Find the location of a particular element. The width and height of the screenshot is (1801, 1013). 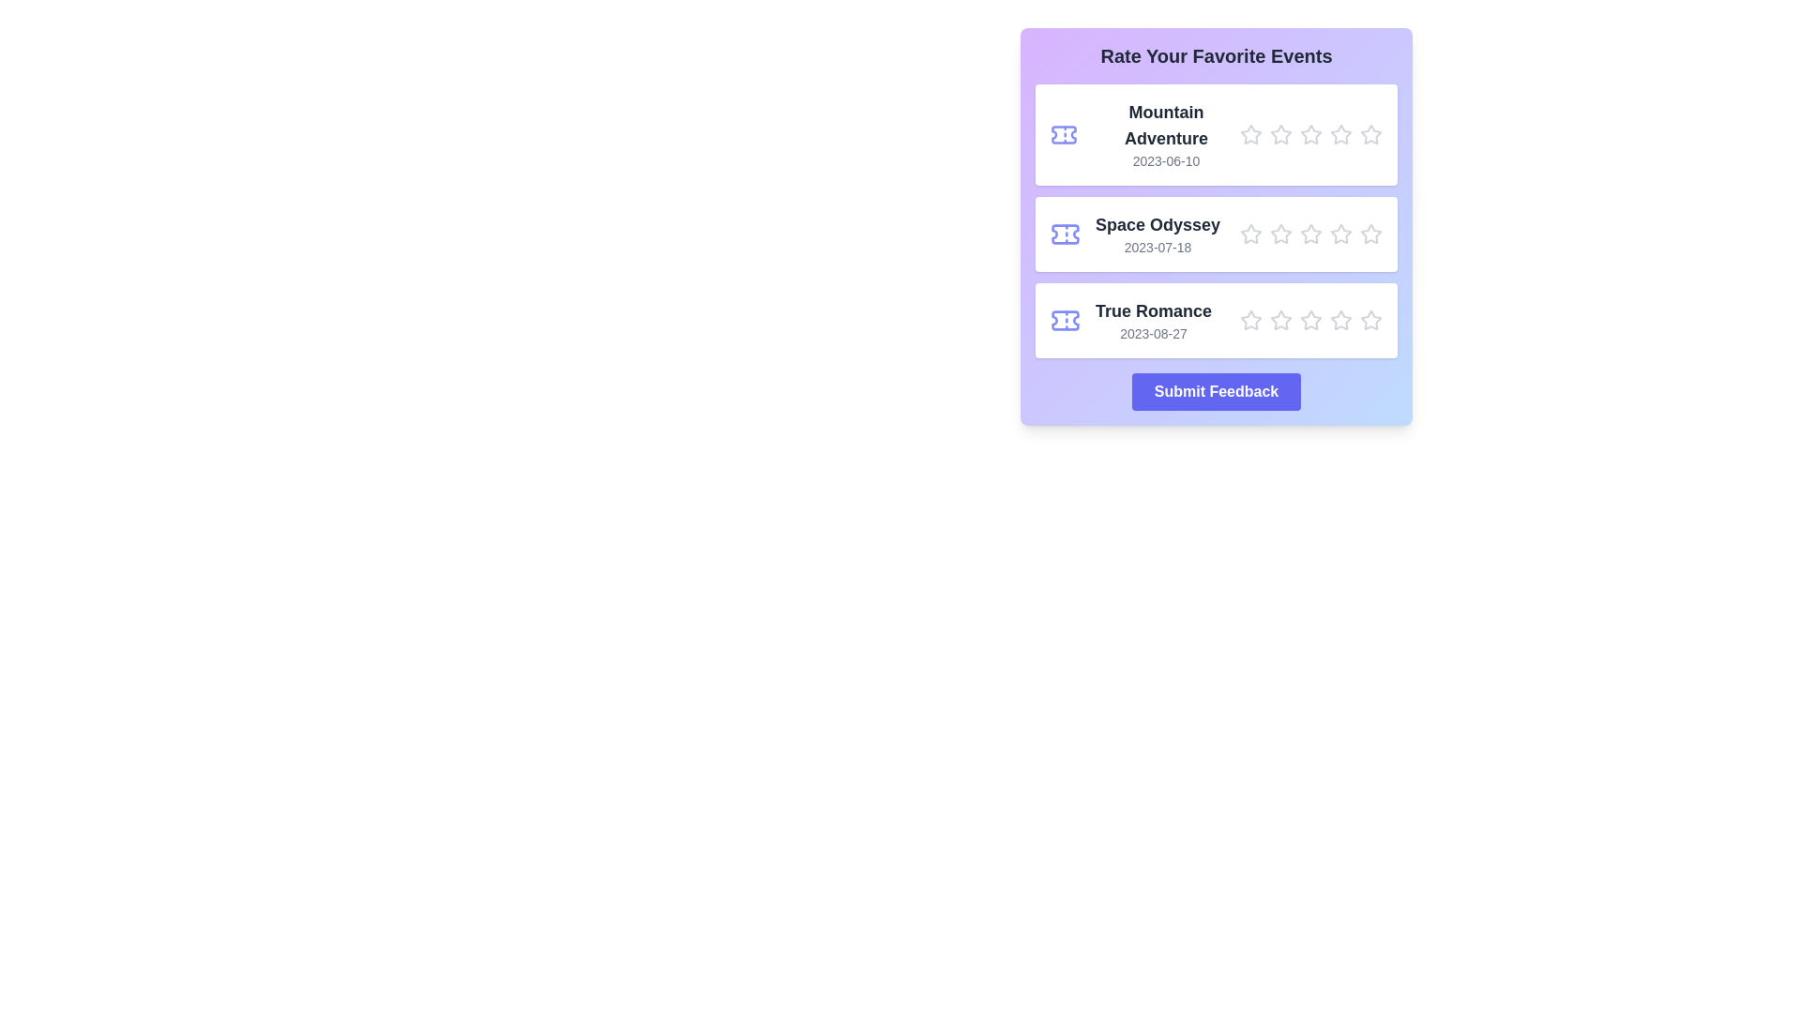

the star corresponding to the rating 4 for the movie True Romance is located at coordinates (1340, 320).